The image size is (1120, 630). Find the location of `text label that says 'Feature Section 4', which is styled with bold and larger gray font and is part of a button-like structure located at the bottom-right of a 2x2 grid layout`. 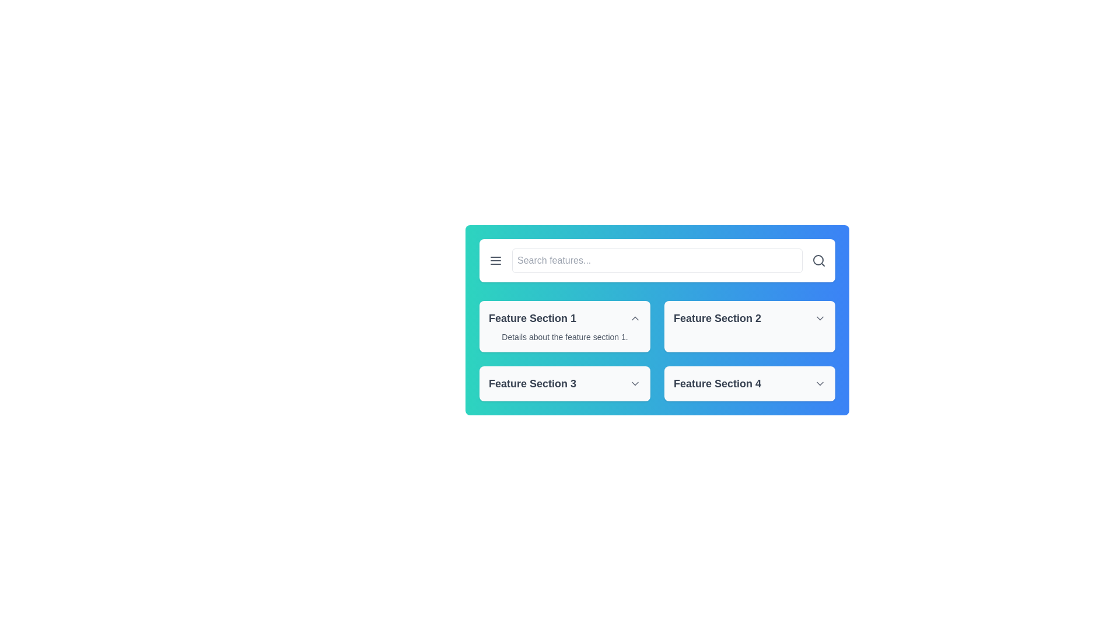

text label that says 'Feature Section 4', which is styled with bold and larger gray font and is part of a button-like structure located at the bottom-right of a 2x2 grid layout is located at coordinates (716, 384).